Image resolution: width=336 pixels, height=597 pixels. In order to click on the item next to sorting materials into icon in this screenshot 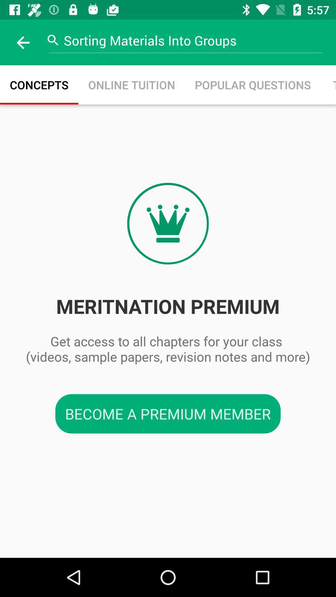, I will do `click(22, 42)`.